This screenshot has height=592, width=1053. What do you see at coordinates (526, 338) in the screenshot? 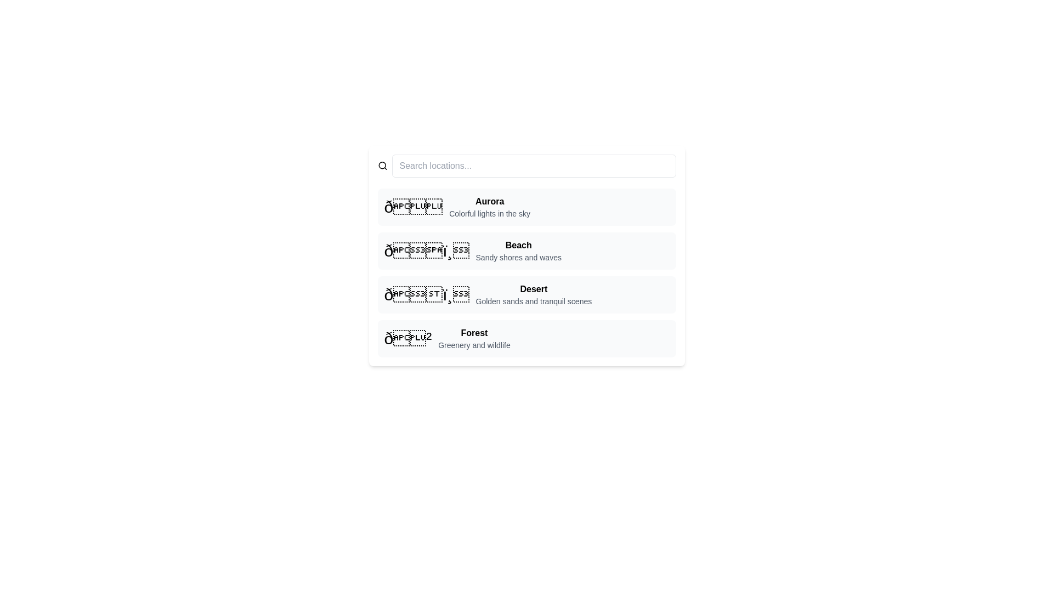
I see `the selectable list item labeled 'Forest'` at bounding box center [526, 338].